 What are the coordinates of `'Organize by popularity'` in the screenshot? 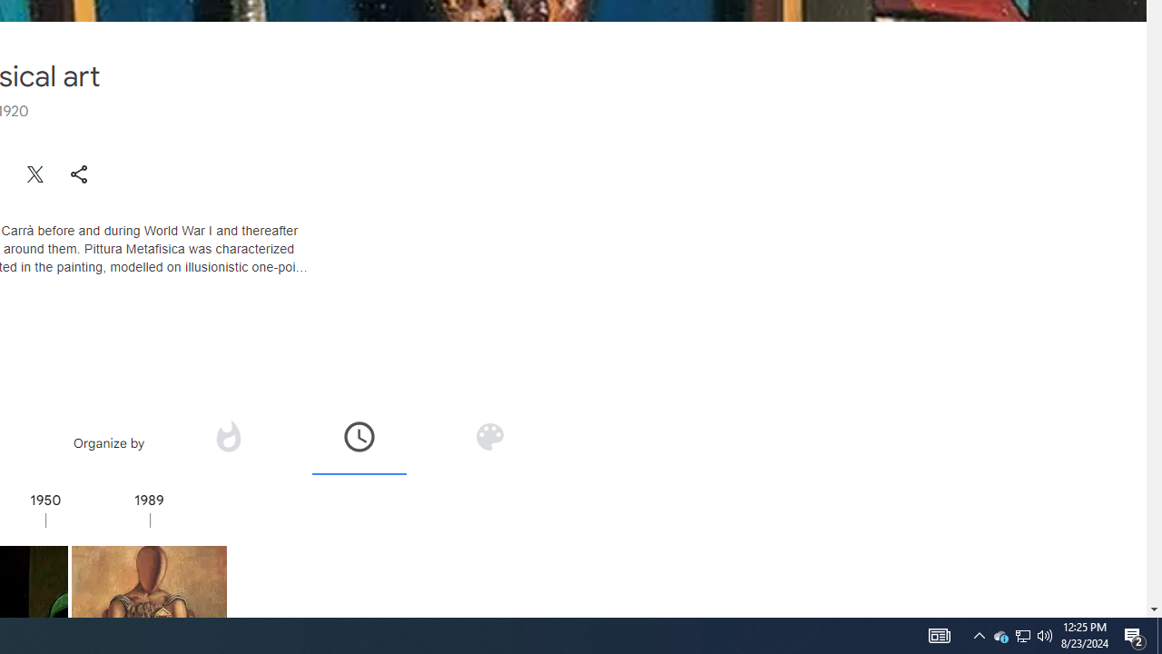 It's located at (226, 436).